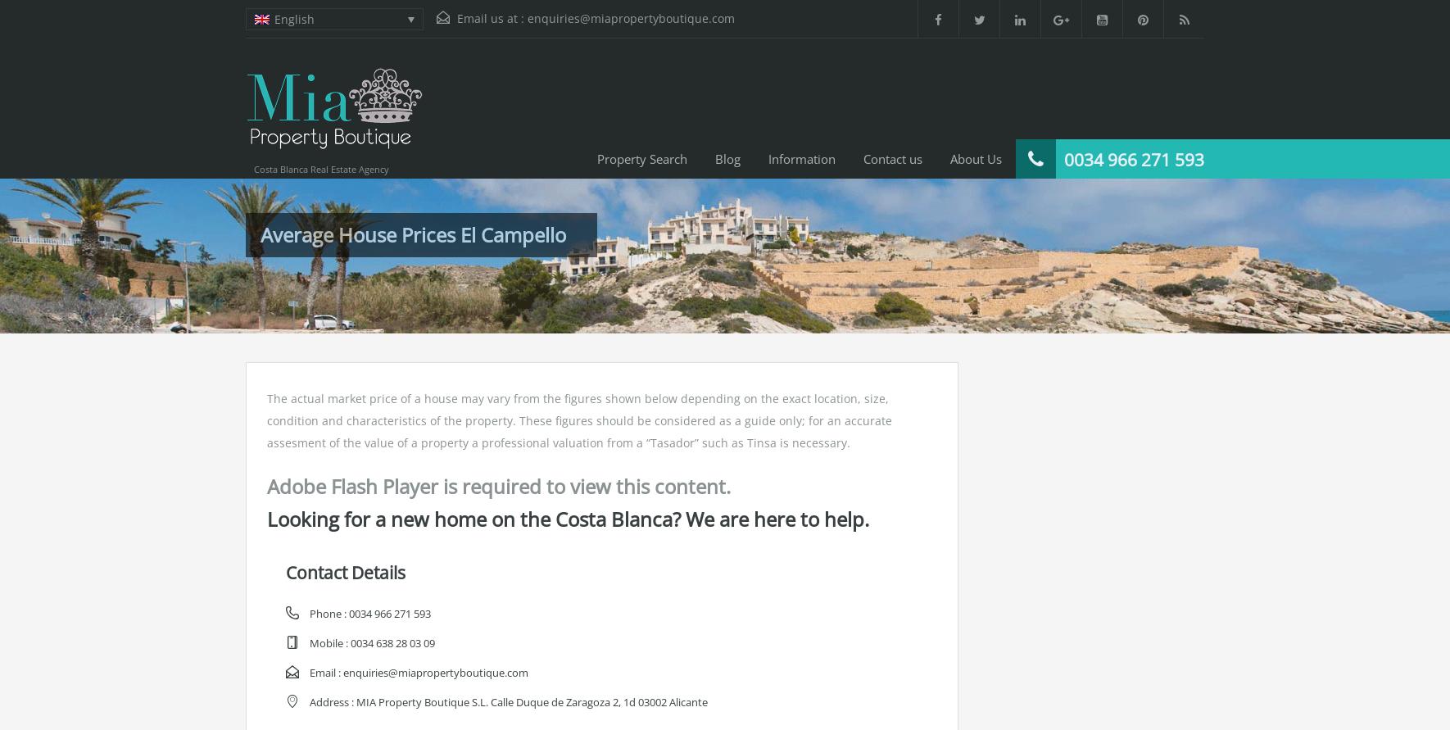  What do you see at coordinates (489, 18) in the screenshot?
I see `'Email us at :'` at bounding box center [489, 18].